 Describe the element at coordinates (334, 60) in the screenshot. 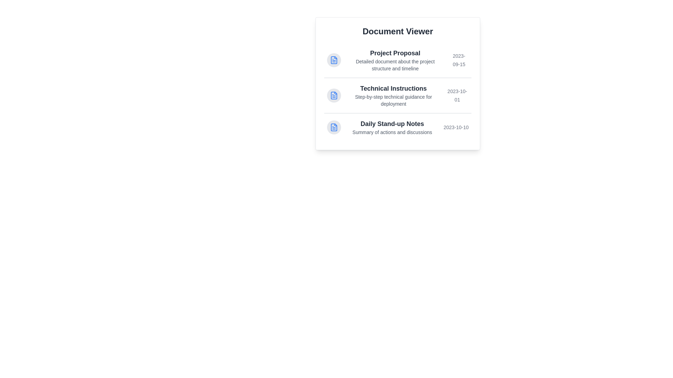

I see `the icon next to the document titled Project Proposal` at that location.